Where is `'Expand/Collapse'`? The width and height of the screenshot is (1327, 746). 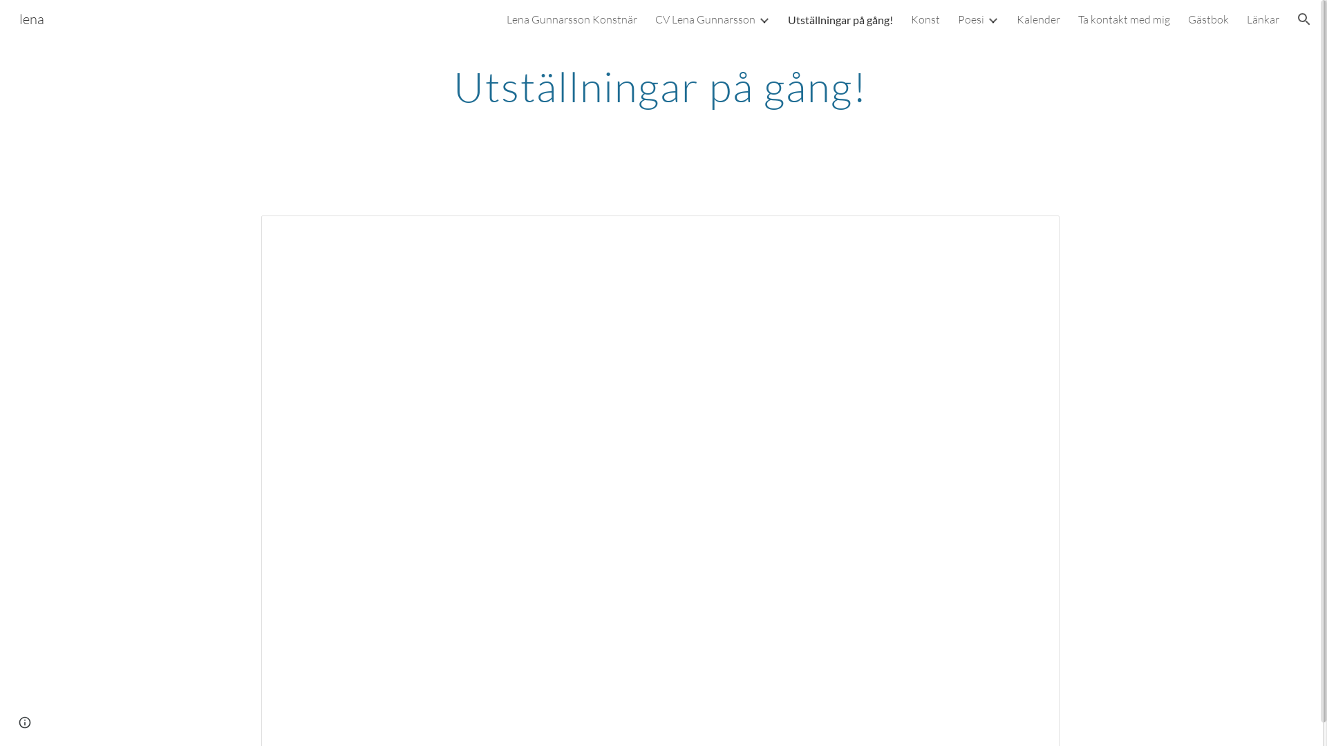 'Expand/Collapse' is located at coordinates (756, 19).